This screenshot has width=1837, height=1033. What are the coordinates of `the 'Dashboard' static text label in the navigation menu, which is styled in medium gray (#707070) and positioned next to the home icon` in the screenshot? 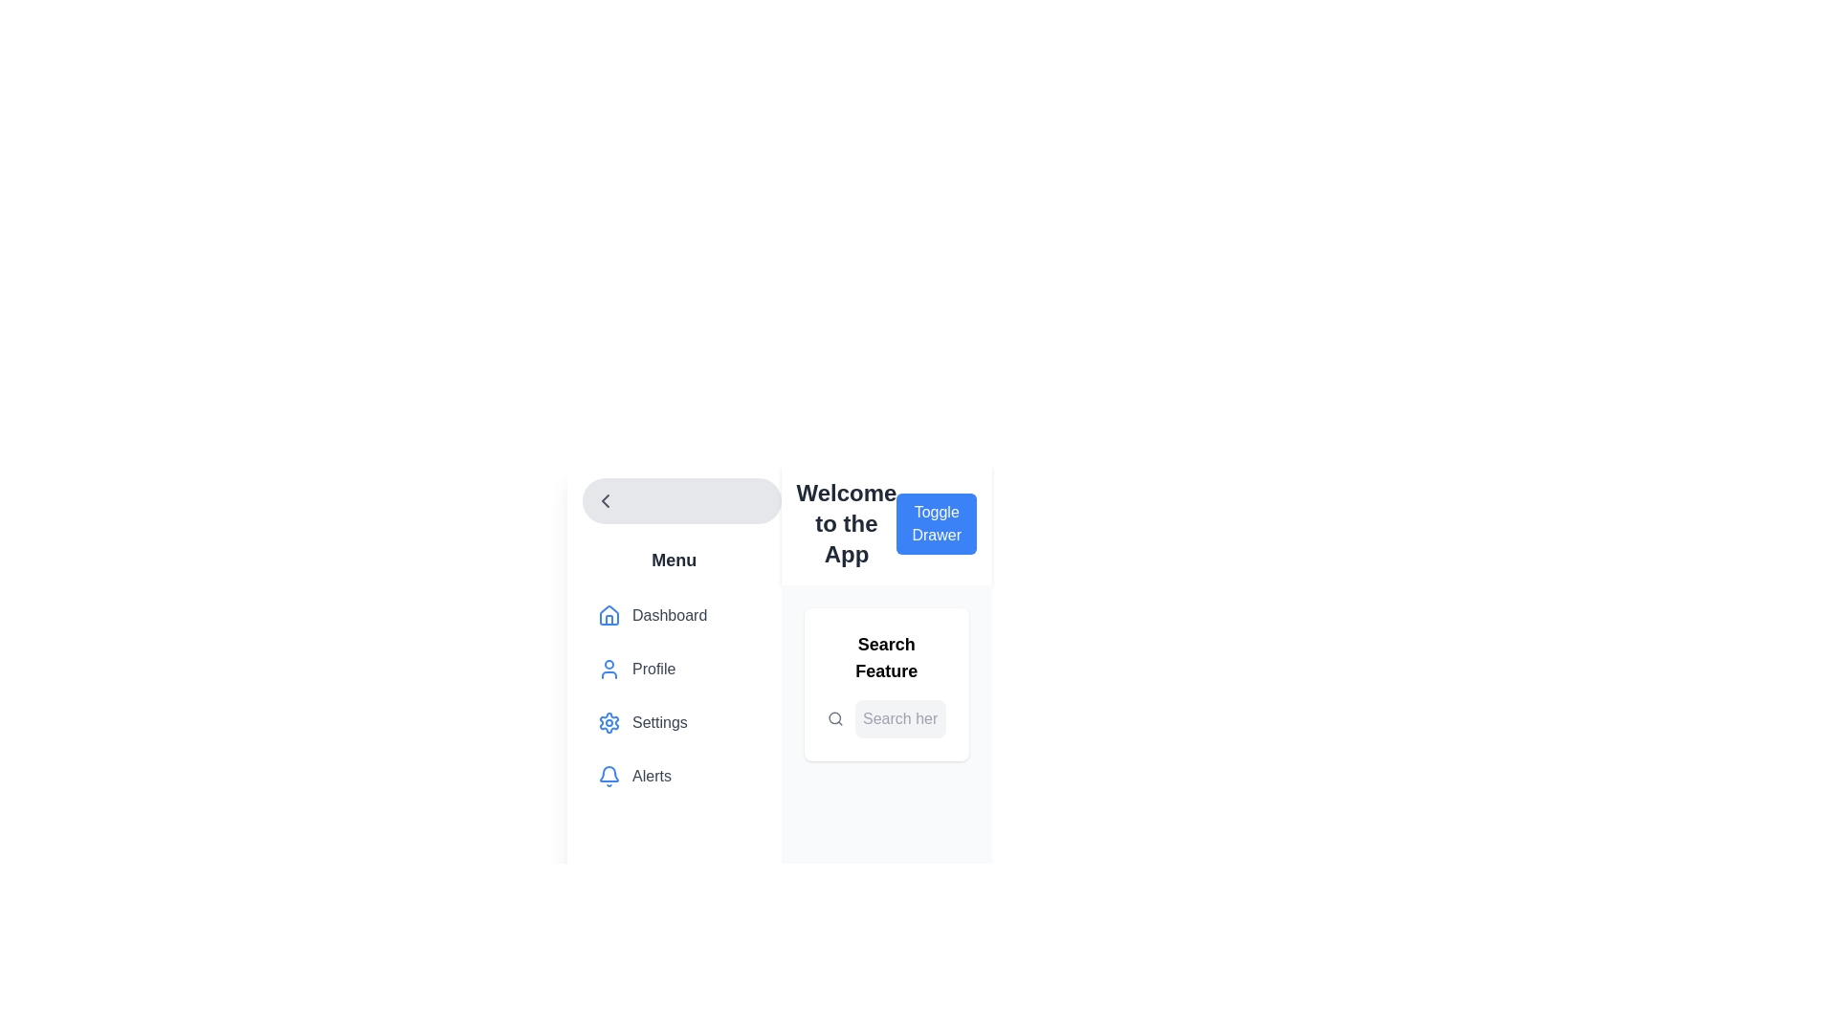 It's located at (670, 616).